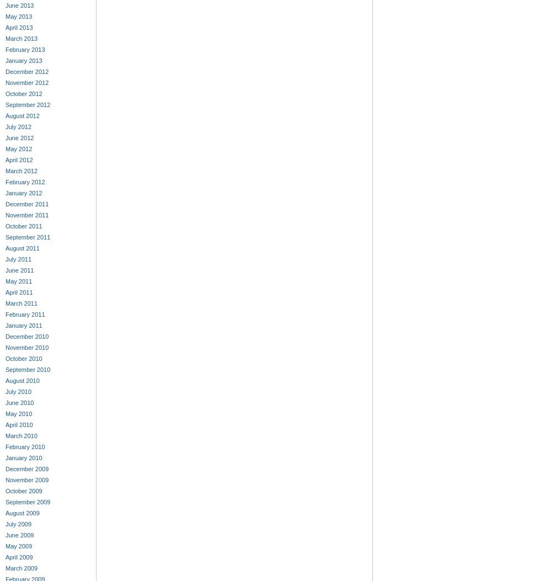 The width and height of the screenshot is (546, 581). What do you see at coordinates (4, 171) in the screenshot?
I see `'March 2012'` at bounding box center [4, 171].